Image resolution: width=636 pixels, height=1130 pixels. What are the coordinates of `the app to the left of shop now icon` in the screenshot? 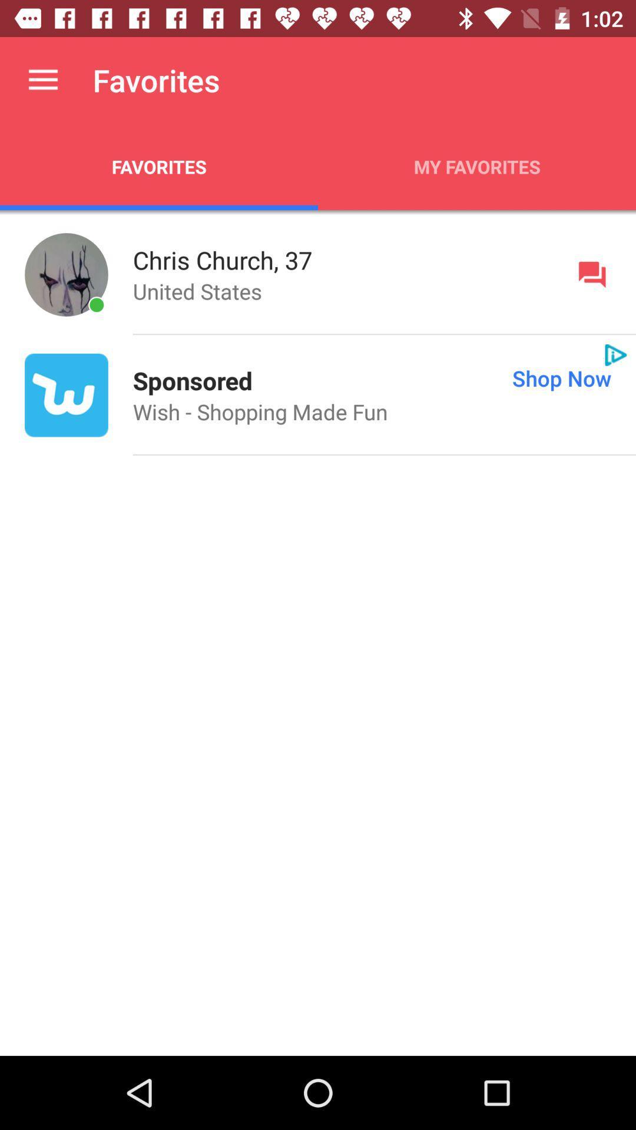 It's located at (192, 380).